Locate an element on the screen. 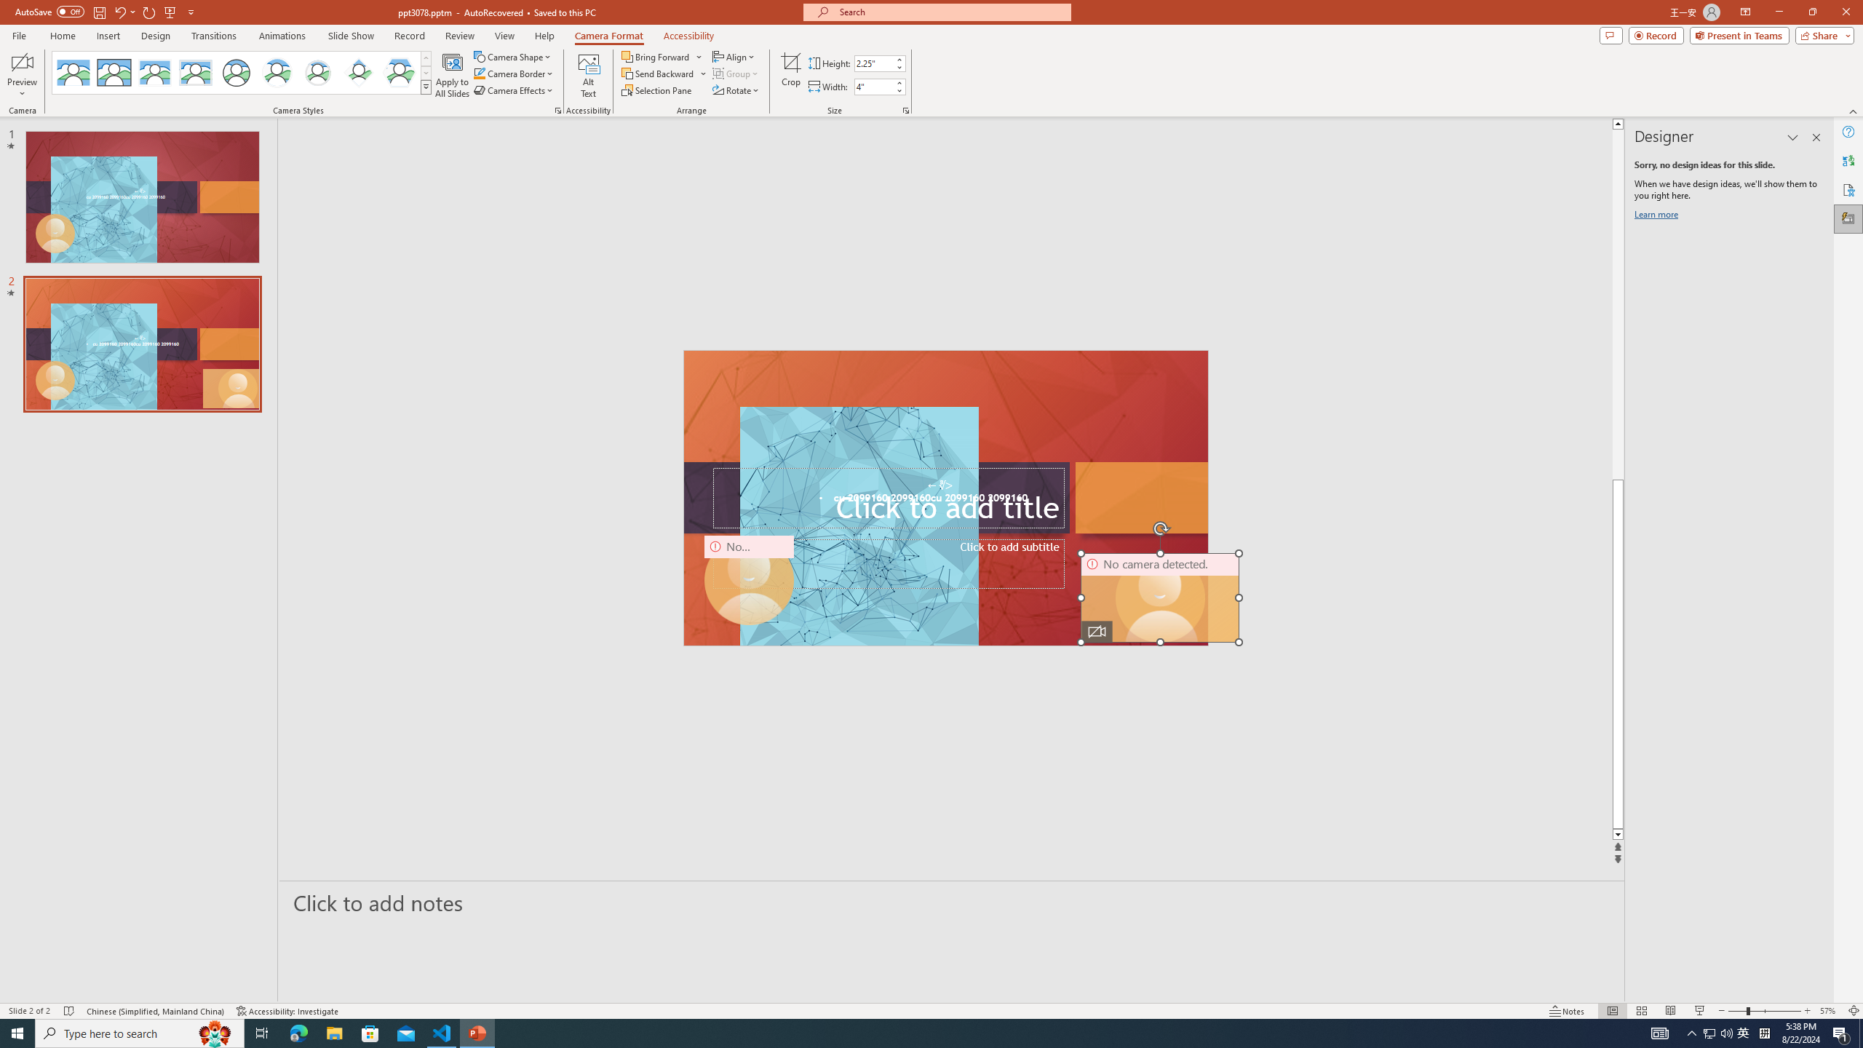 Image resolution: width=1863 pixels, height=1048 pixels. 'Simple Frame Circle' is located at coordinates (237, 72).